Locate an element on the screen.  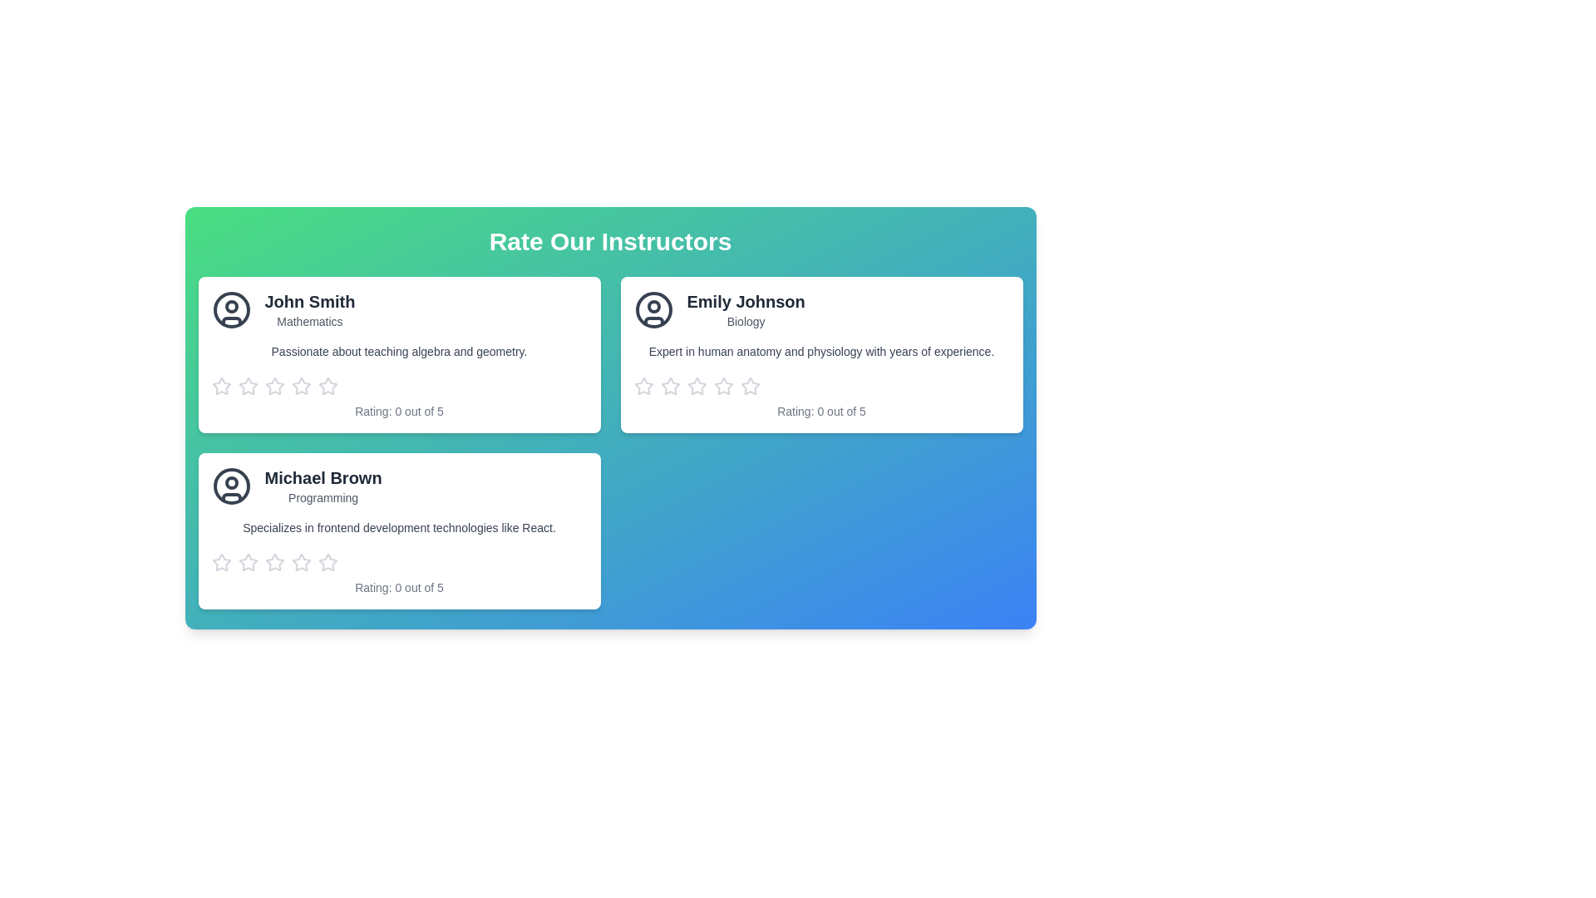
the circular vector graphic representing Michael Brown's profile in the second row of the cards is located at coordinates (230, 486).